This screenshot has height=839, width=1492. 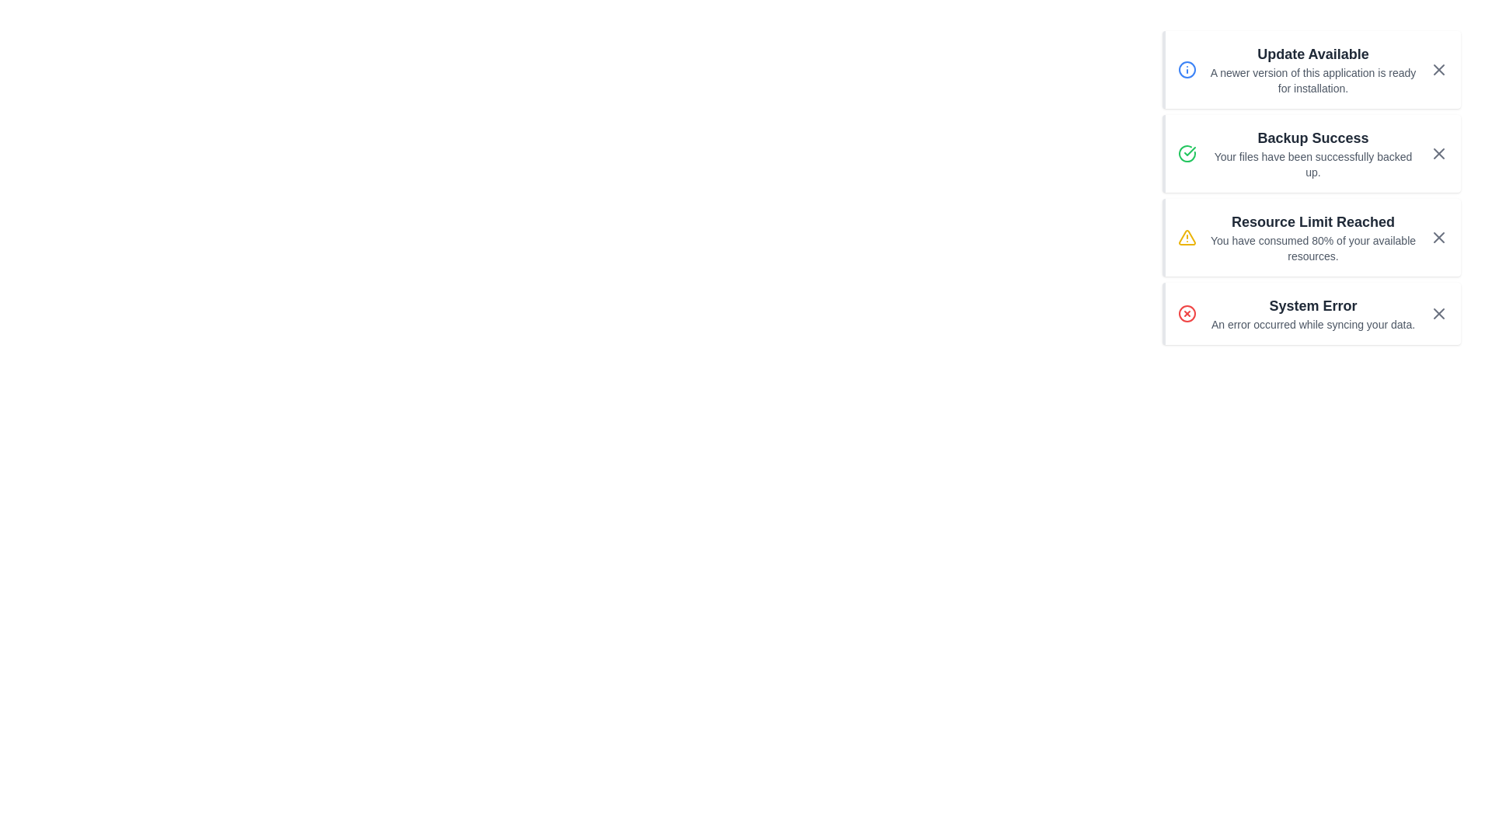 I want to click on the 'Update Available' text label displayed in bold dark gray font within the notification area at the top right of the interface, so click(x=1312, y=53).